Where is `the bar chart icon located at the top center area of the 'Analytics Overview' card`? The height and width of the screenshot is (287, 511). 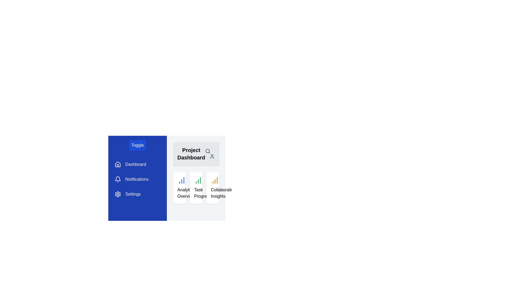 the bar chart icon located at the top center area of the 'Analytics Overview' card is located at coordinates (182, 180).